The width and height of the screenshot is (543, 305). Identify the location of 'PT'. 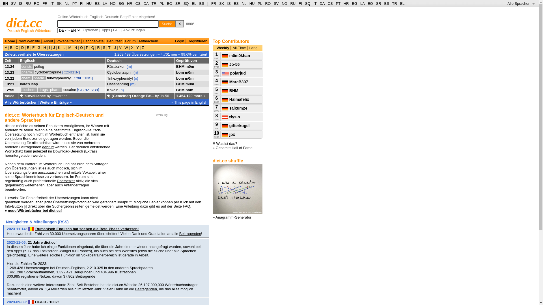
(335, 3).